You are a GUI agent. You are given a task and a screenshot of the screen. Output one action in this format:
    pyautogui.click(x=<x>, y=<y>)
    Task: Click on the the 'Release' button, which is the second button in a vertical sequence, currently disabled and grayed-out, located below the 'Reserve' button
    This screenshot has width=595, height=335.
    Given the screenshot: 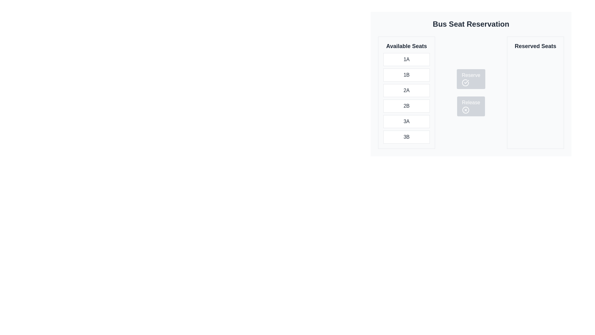 What is the action you would take?
    pyautogui.click(x=471, y=106)
    